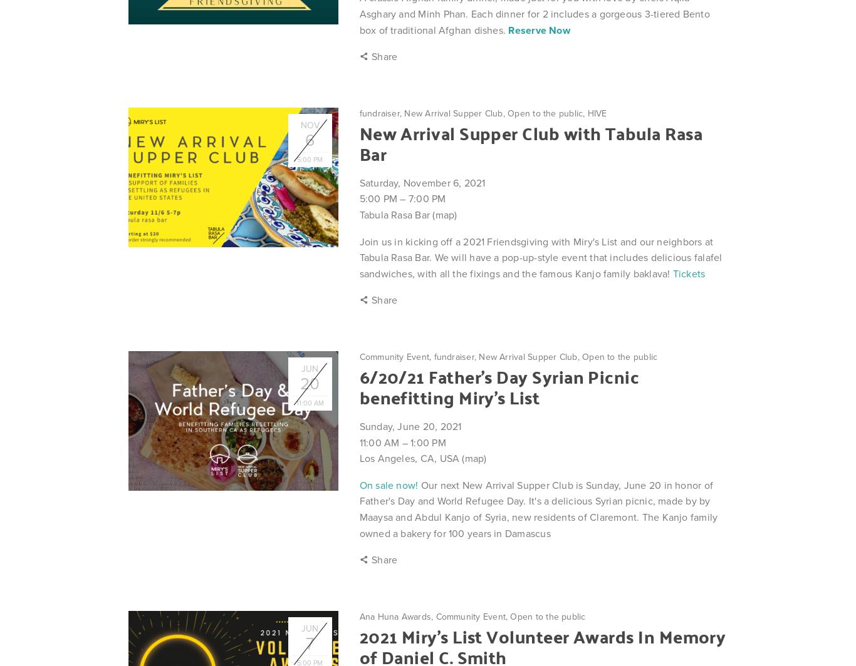  I want to click on '7:00 PM', so click(425, 198).